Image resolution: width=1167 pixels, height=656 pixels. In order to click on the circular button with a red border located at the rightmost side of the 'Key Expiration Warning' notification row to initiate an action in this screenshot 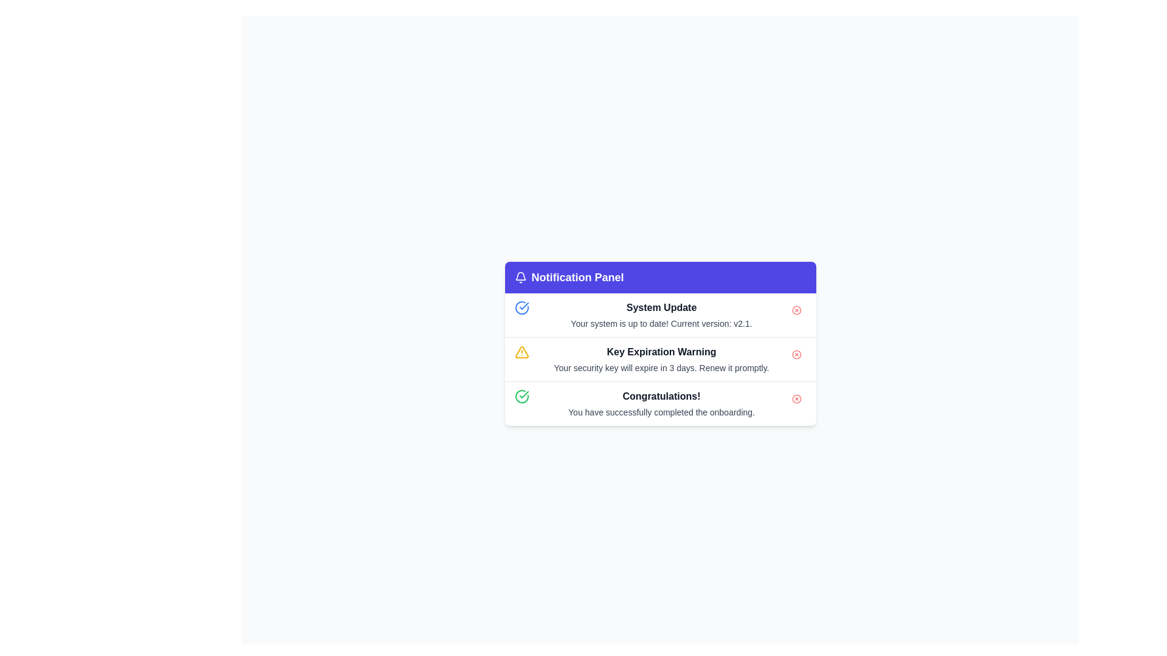, I will do `click(796, 354)`.